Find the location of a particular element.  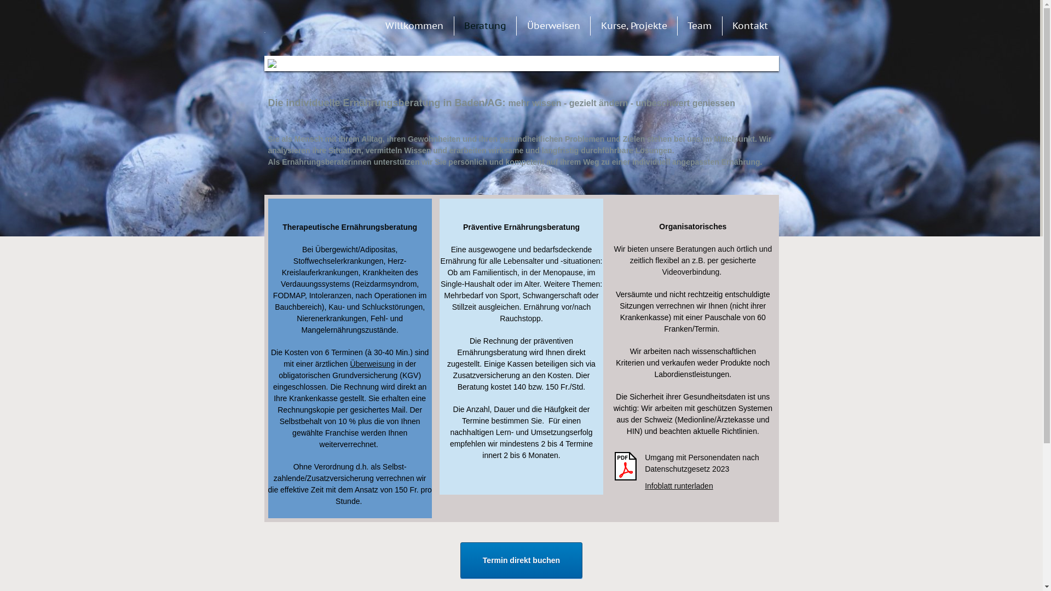

'Beratung' is located at coordinates (484, 25).